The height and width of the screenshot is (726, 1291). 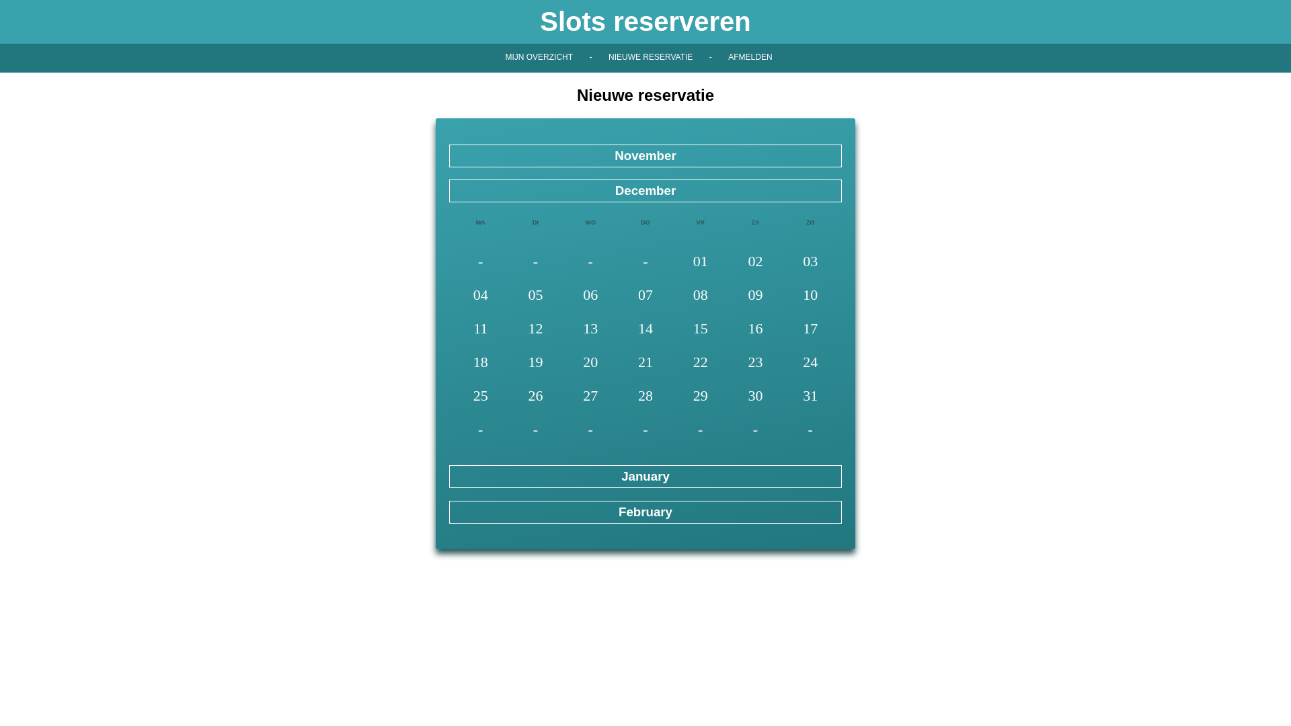 I want to click on '21', so click(x=617, y=363).